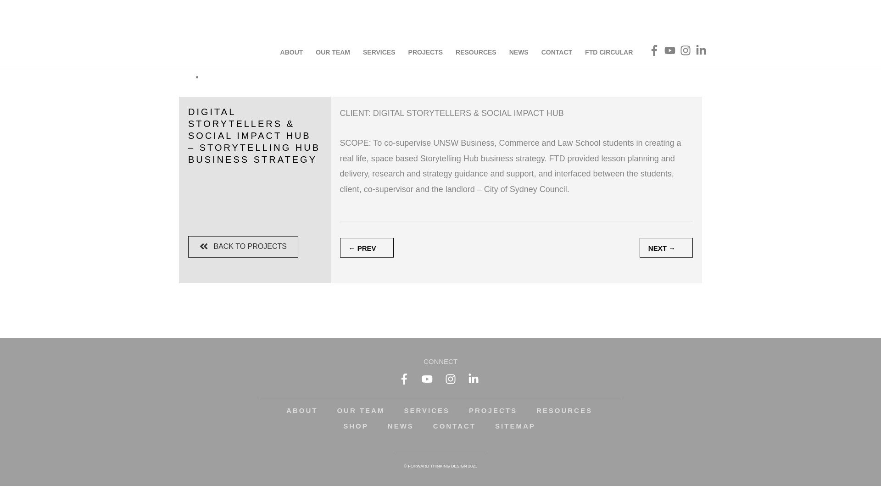 This screenshot has width=881, height=495. Describe the element at coordinates (301, 410) in the screenshot. I see `'ABOUT'` at that location.